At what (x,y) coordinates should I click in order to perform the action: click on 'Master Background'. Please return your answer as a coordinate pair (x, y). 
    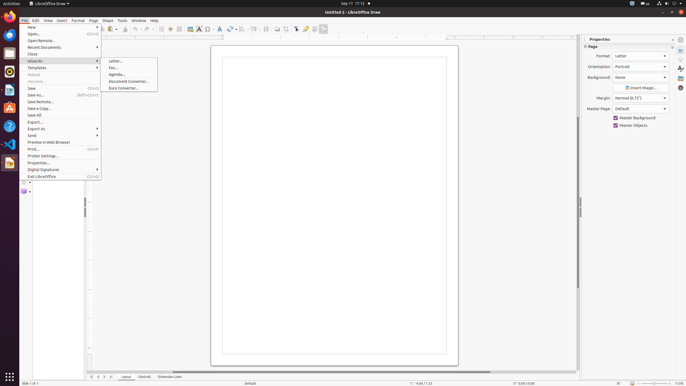
    Looking at the image, I should click on (641, 118).